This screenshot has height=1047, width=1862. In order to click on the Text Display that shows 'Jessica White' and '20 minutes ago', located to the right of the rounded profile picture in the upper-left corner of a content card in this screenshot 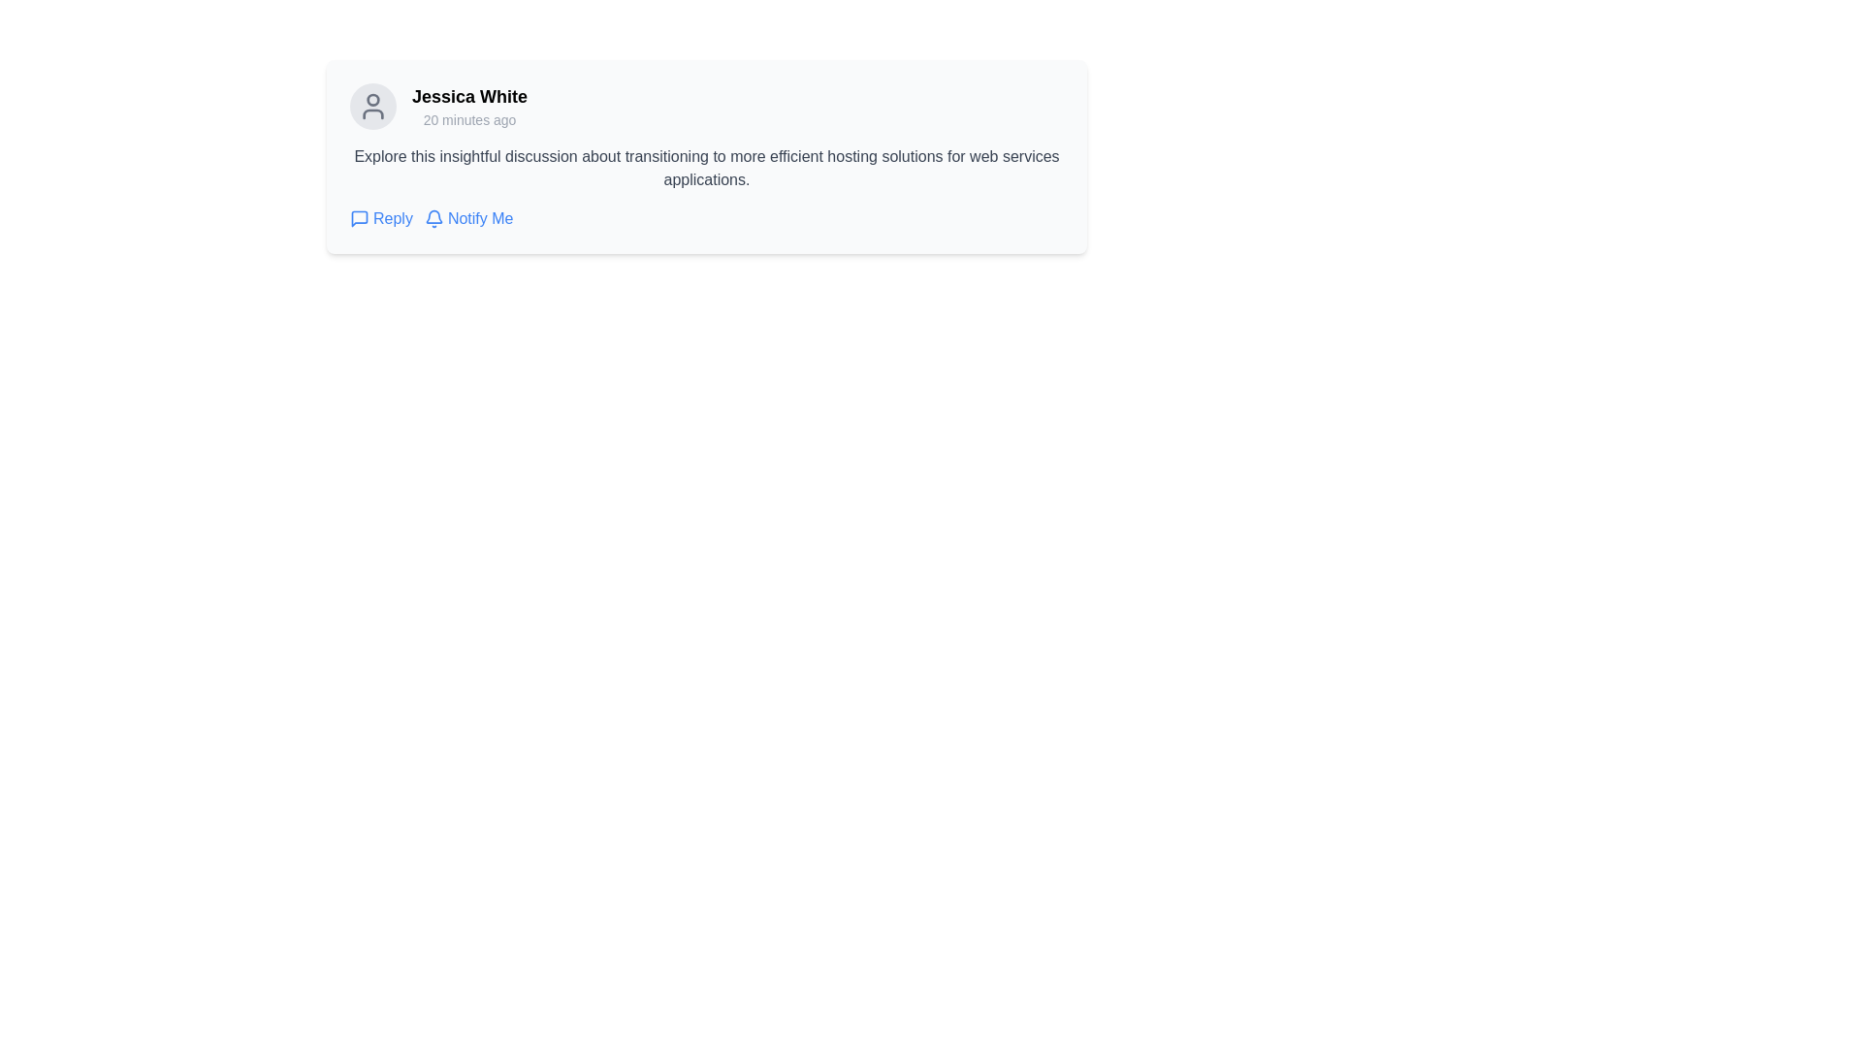, I will do `click(469, 107)`.